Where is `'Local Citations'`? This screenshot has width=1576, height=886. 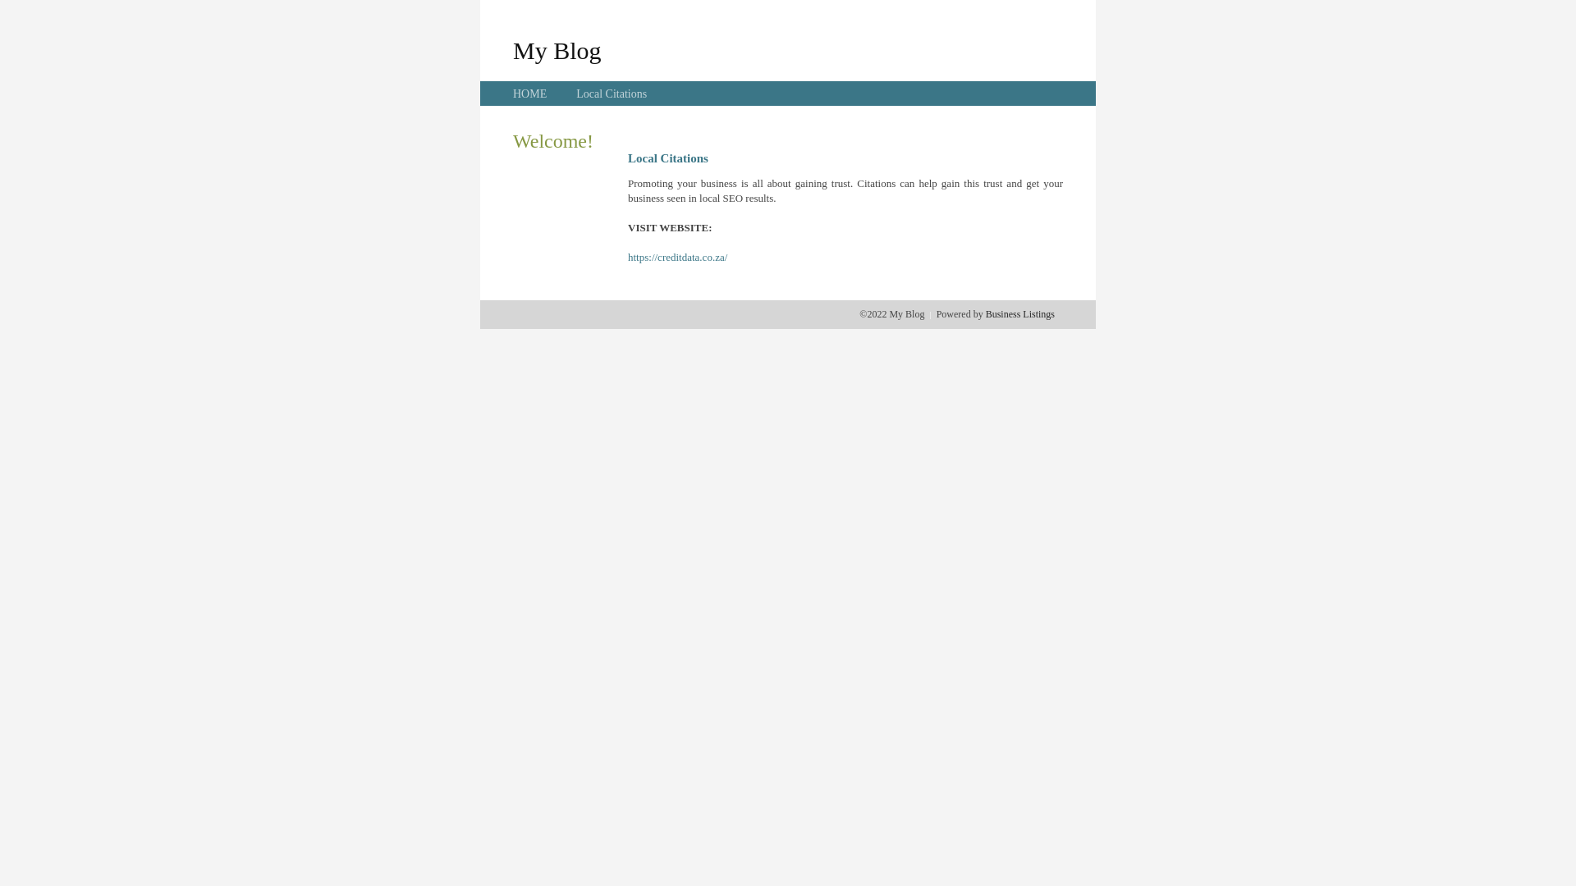 'Local Citations' is located at coordinates (610, 94).